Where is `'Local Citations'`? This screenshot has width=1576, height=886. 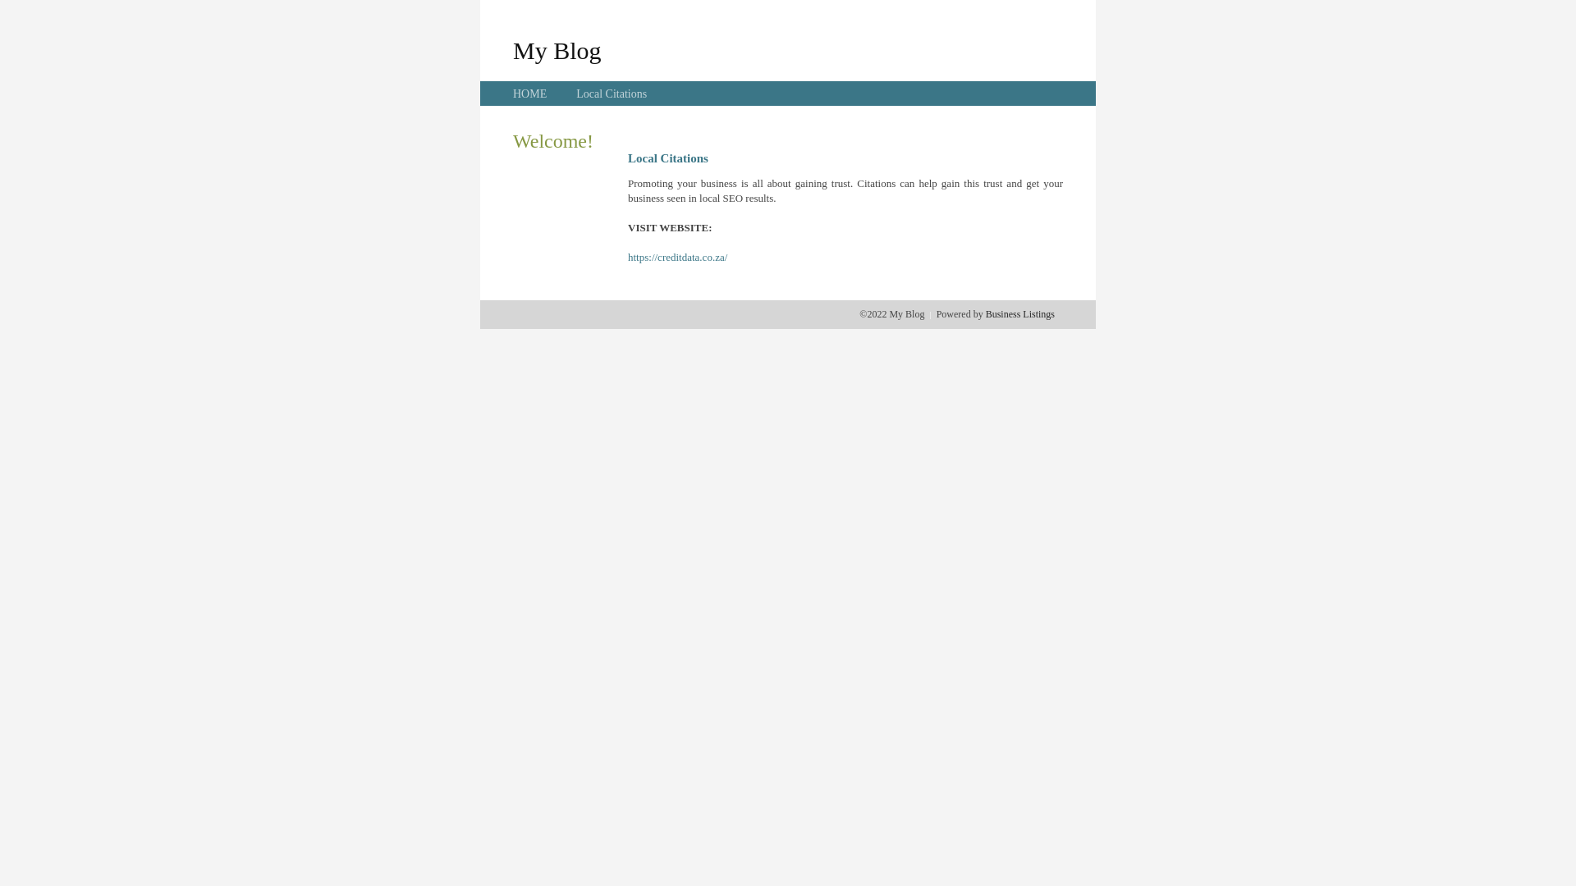 'Local Citations' is located at coordinates (610, 94).